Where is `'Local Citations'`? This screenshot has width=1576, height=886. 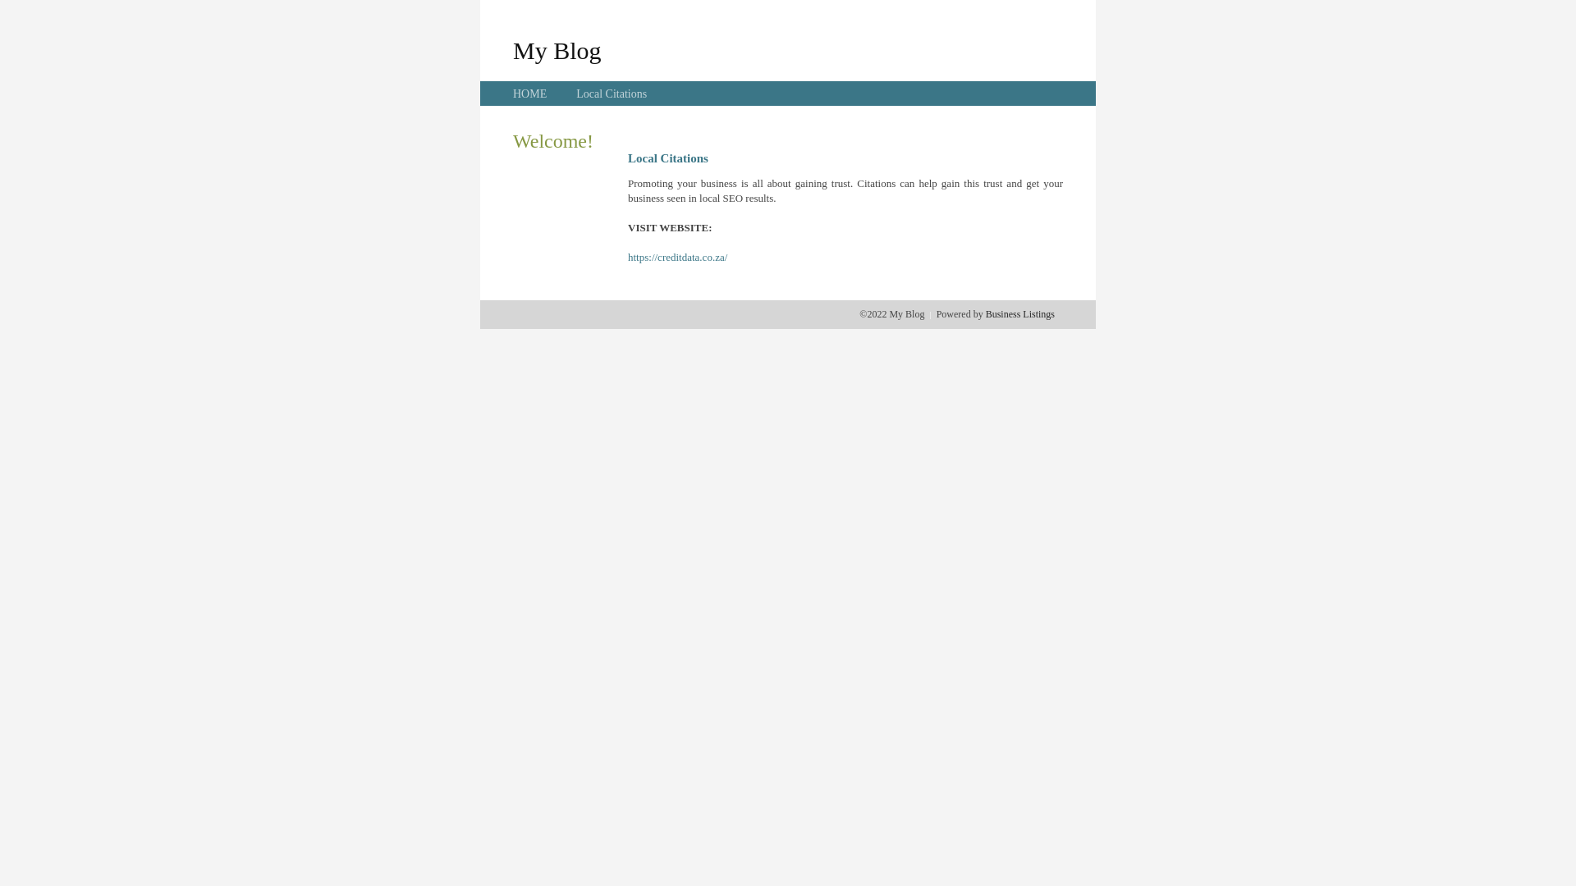 'Local Citations' is located at coordinates (610, 94).